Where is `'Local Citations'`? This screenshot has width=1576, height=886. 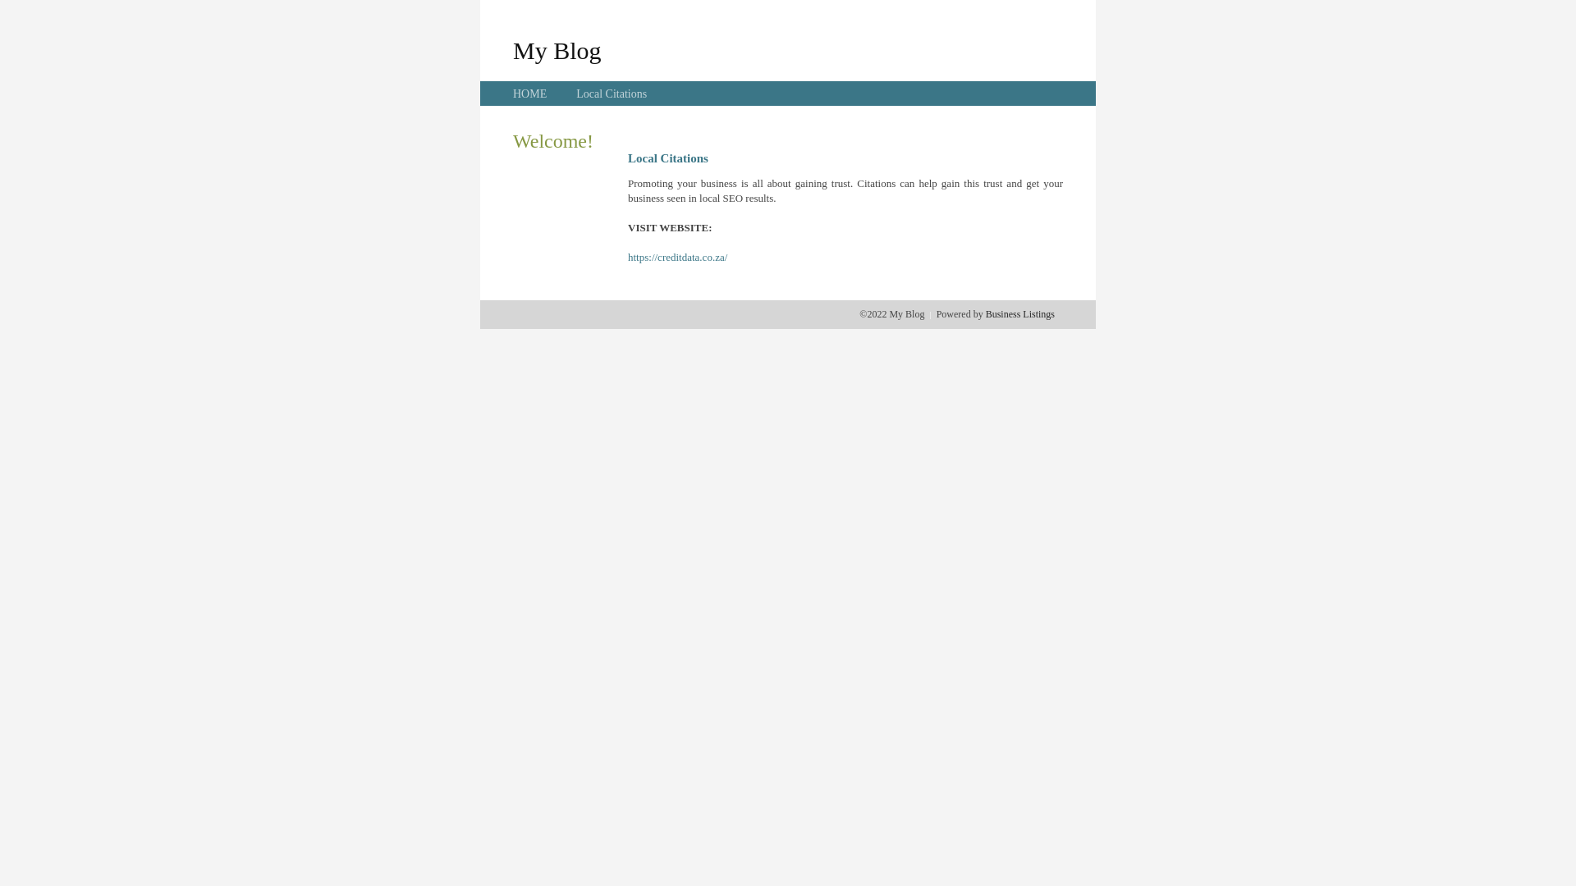 'Local Citations' is located at coordinates (610, 94).